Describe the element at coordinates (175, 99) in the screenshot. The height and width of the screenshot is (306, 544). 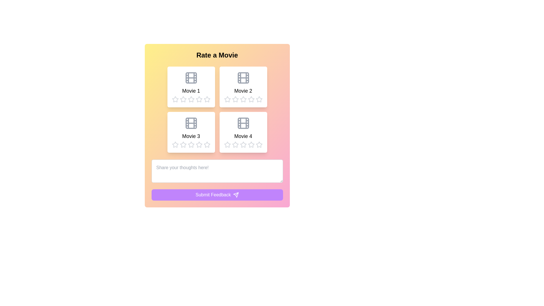
I see `the first star in the horizontal sequence of rating stars located beneath 'Movie 1' to set a rating` at that location.